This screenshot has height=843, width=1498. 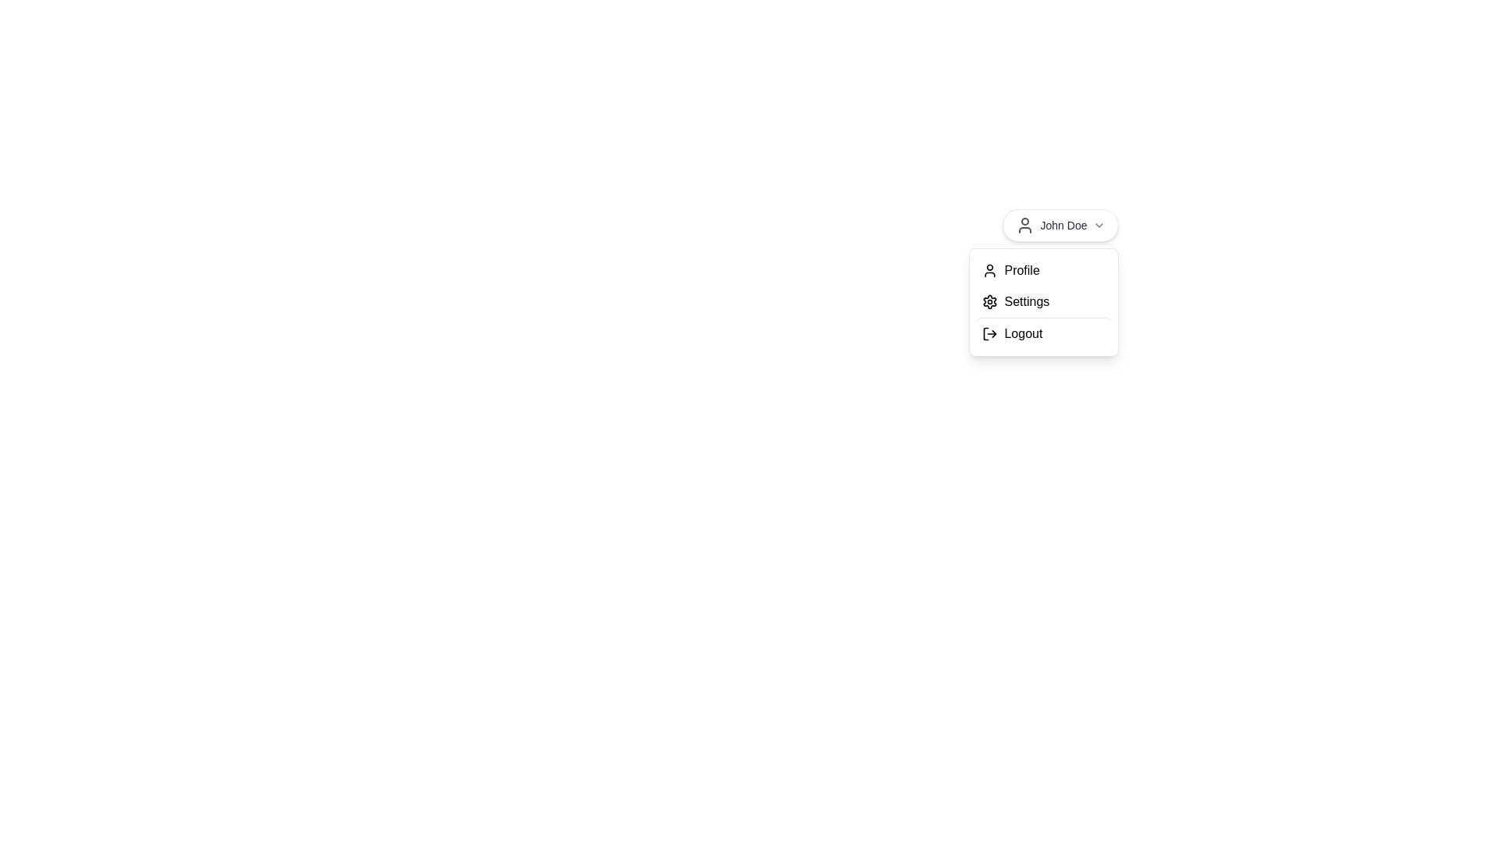 What do you see at coordinates (1099, 226) in the screenshot?
I see `the Dropdown indicator (chevron icon) located at the far right of the button containing 'John Doe'` at bounding box center [1099, 226].